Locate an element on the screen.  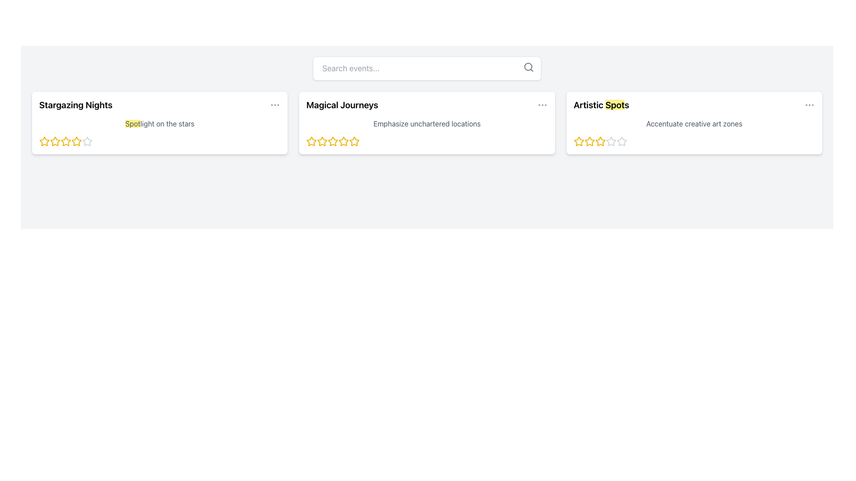
the second star from the left in the 5-star rating system under the 'Artistic Spots' title is located at coordinates (589, 141).